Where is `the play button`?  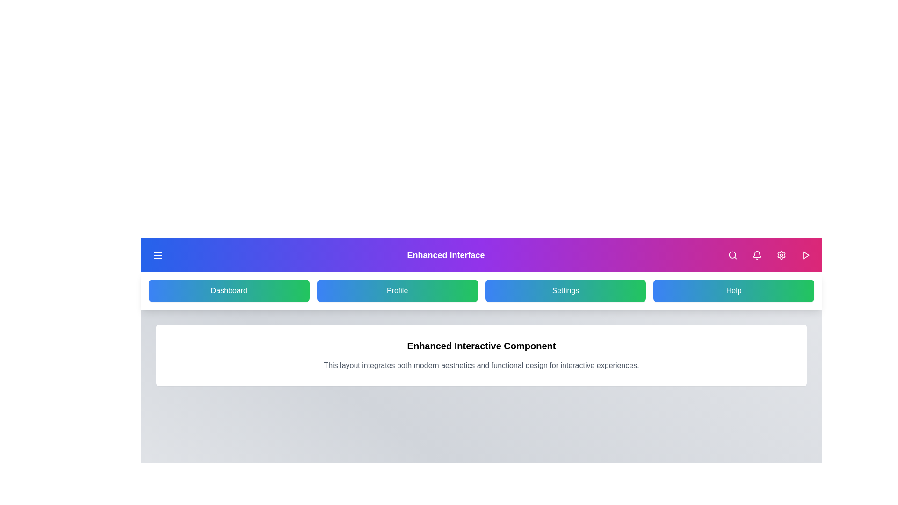
the play button is located at coordinates (805, 255).